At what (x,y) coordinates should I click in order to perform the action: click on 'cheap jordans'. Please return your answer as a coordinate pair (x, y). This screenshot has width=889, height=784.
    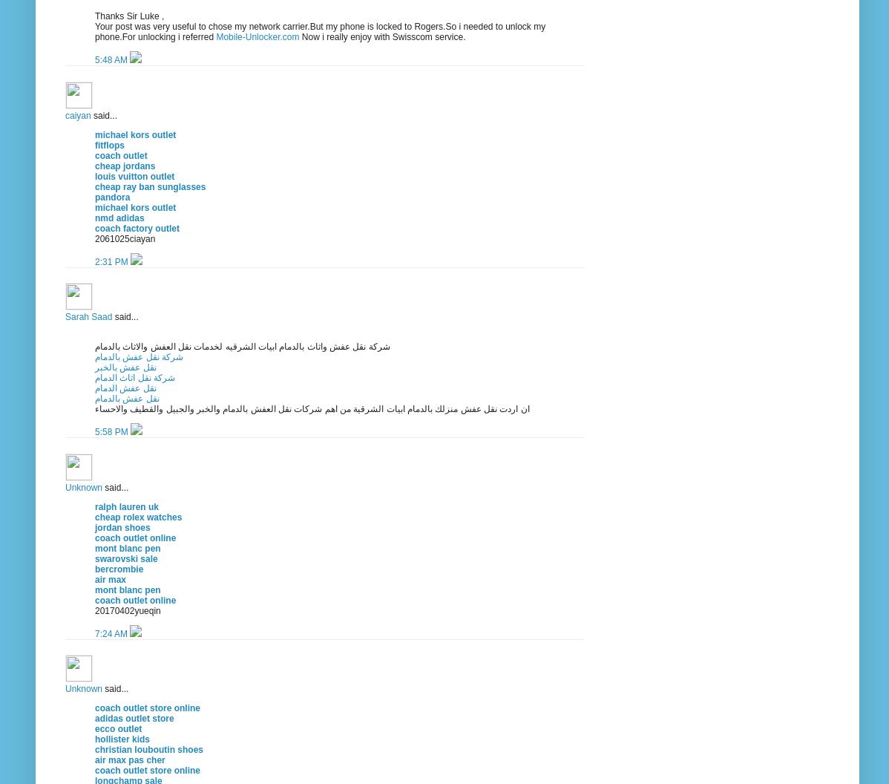
    Looking at the image, I should click on (124, 165).